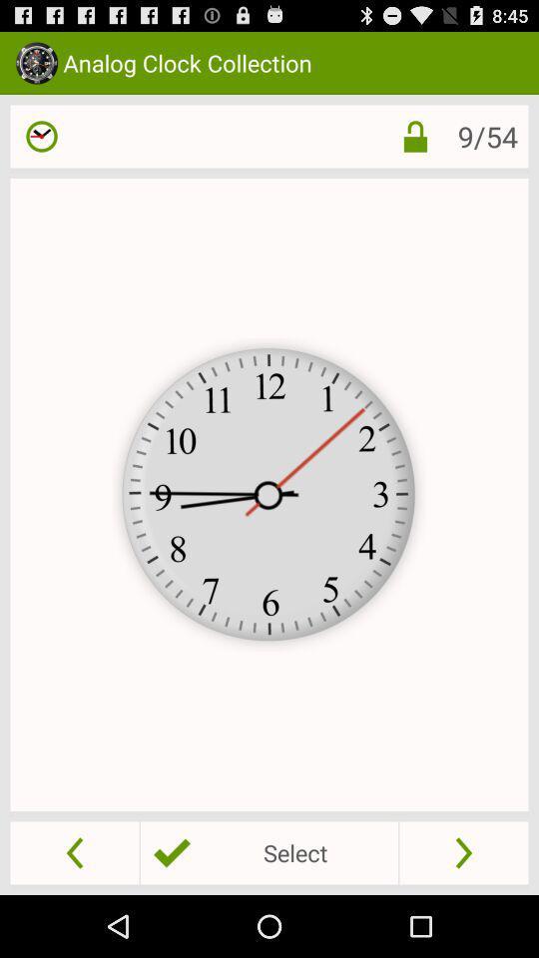 The height and width of the screenshot is (958, 539). What do you see at coordinates (74, 851) in the screenshot?
I see `go back` at bounding box center [74, 851].